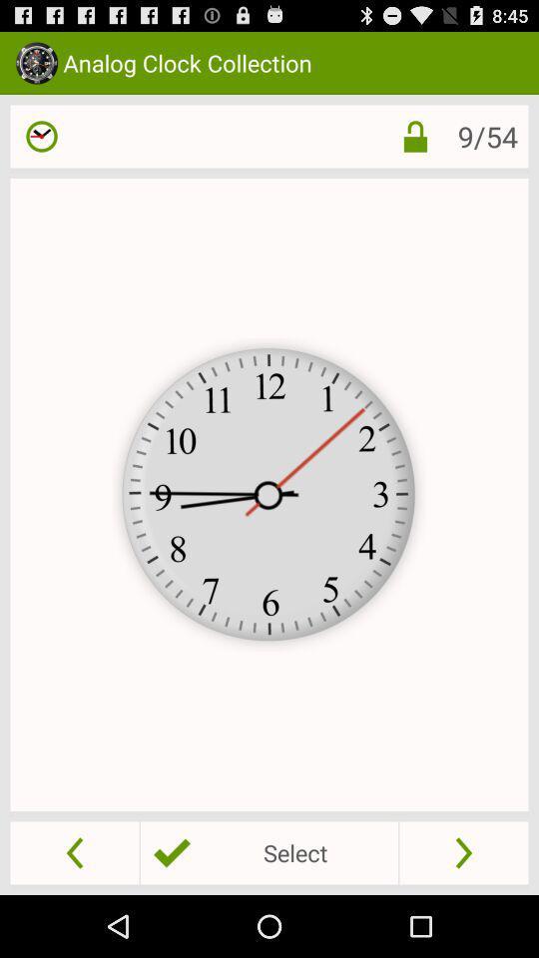 The height and width of the screenshot is (958, 539). What do you see at coordinates (74, 851) in the screenshot?
I see `go back` at bounding box center [74, 851].